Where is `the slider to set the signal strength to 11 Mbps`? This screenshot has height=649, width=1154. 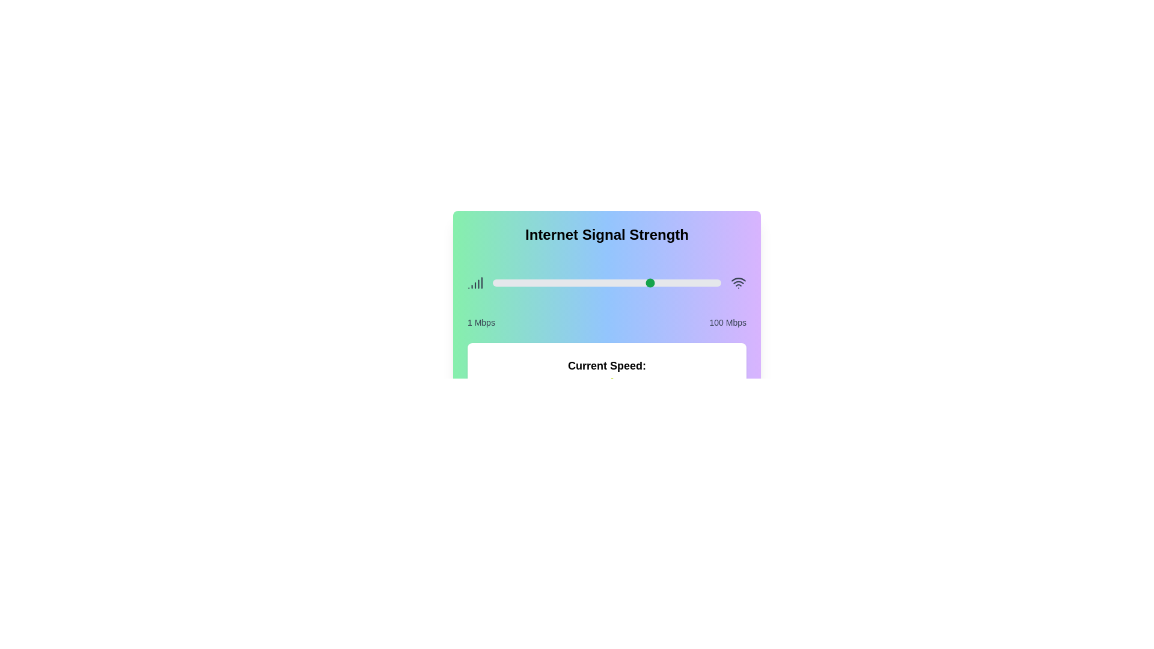
the slider to set the signal strength to 11 Mbps is located at coordinates (516, 282).